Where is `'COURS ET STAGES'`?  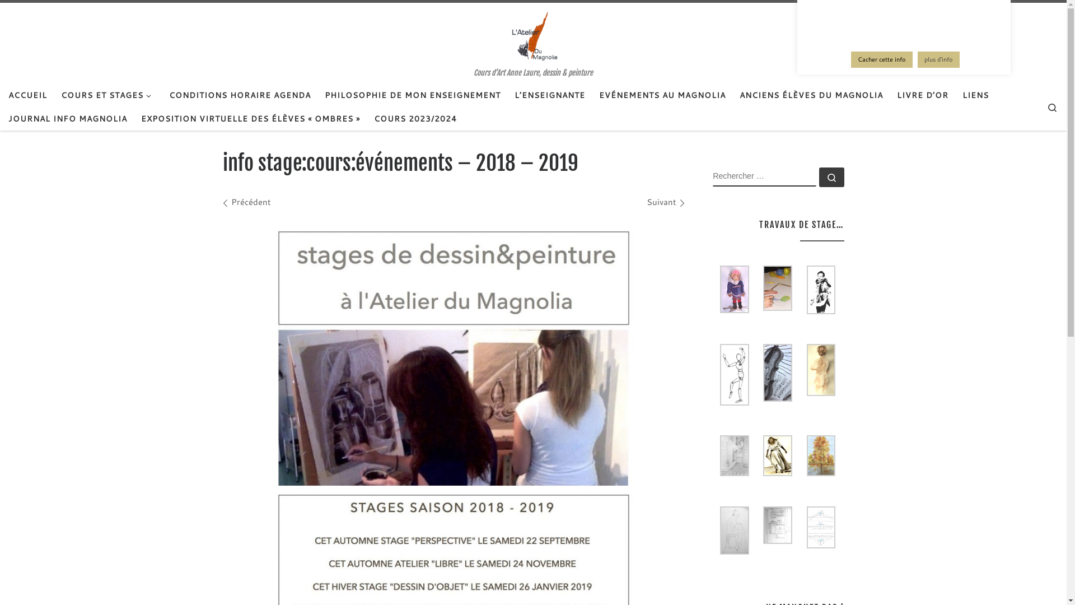 'COURS ET STAGES' is located at coordinates (57, 94).